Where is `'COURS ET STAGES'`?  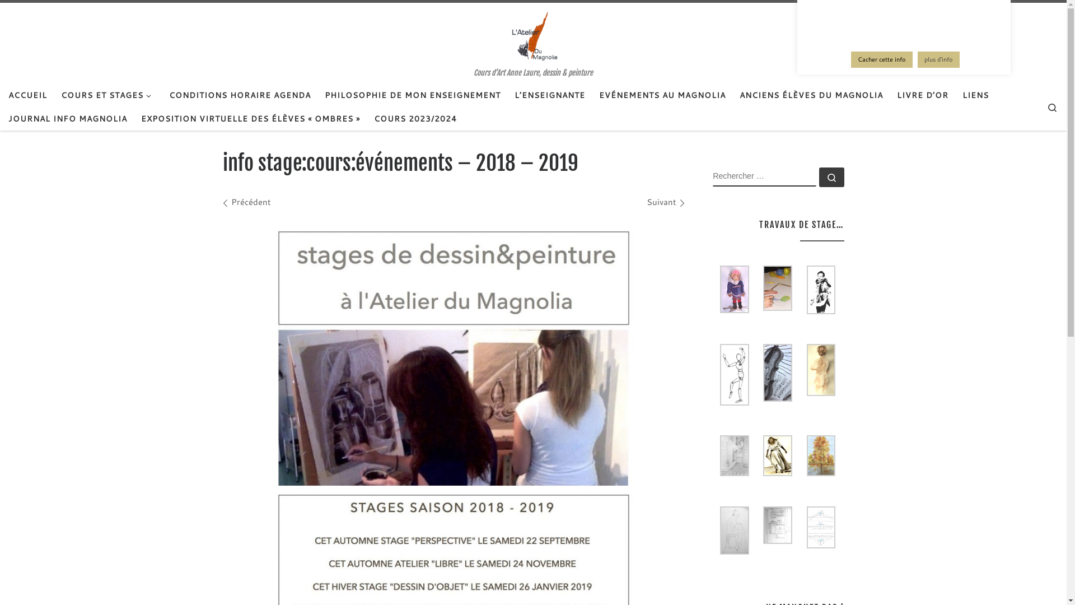 'COURS ET STAGES' is located at coordinates (57, 94).